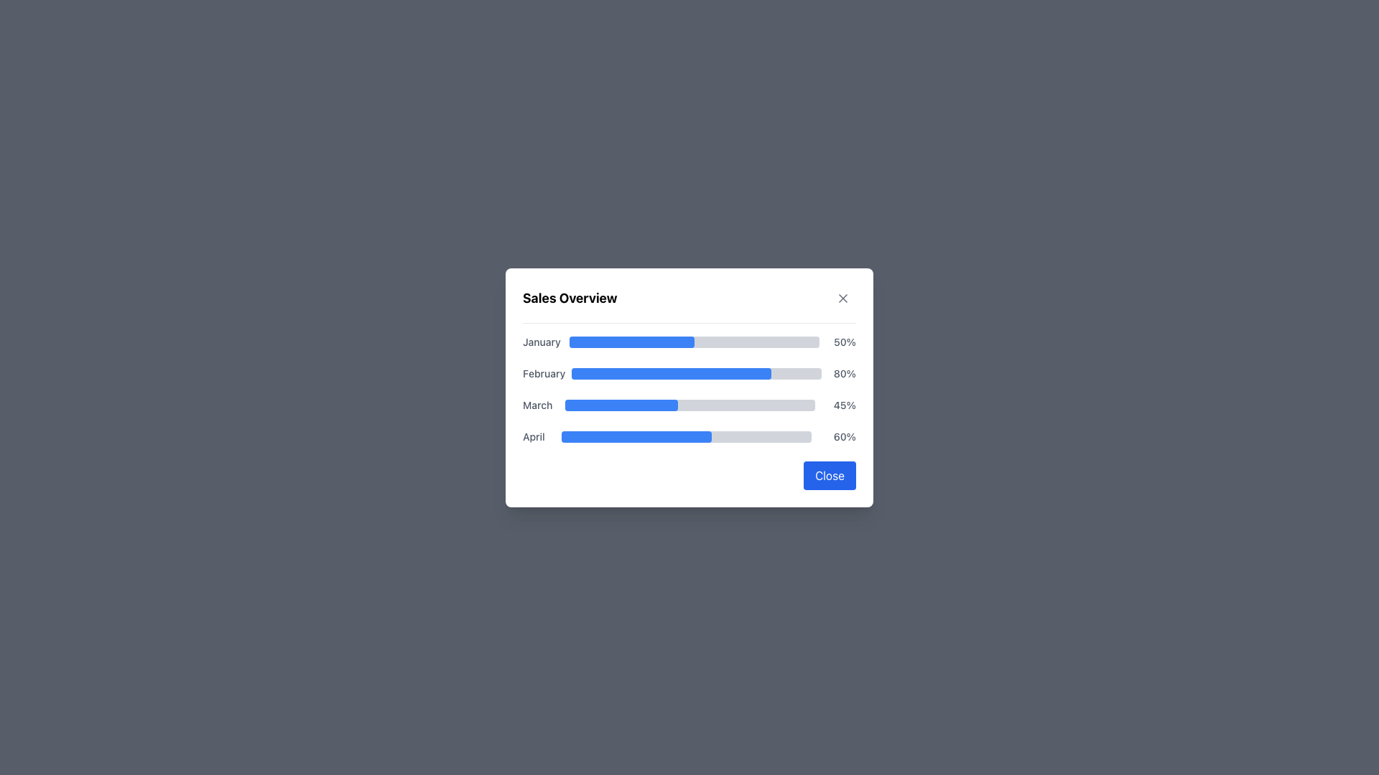 The height and width of the screenshot is (775, 1379). I want to click on the blue 'Close' button with rounded corners located at the bottom-right corner of the popup interface to trigger the hover effect, so click(830, 475).